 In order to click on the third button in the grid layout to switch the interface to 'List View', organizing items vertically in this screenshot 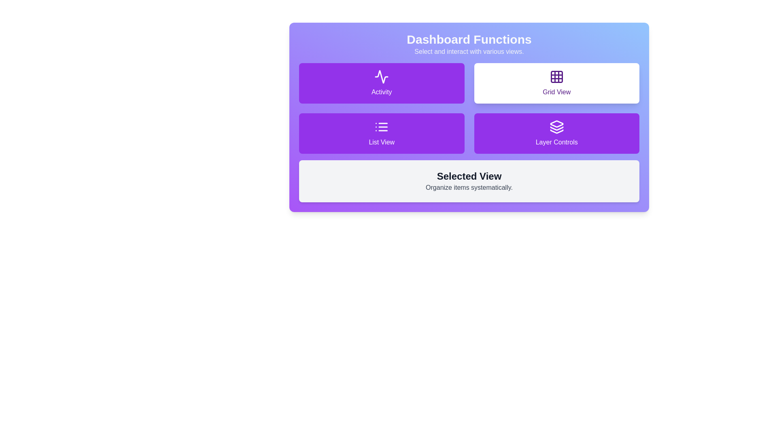, I will do `click(381, 133)`.